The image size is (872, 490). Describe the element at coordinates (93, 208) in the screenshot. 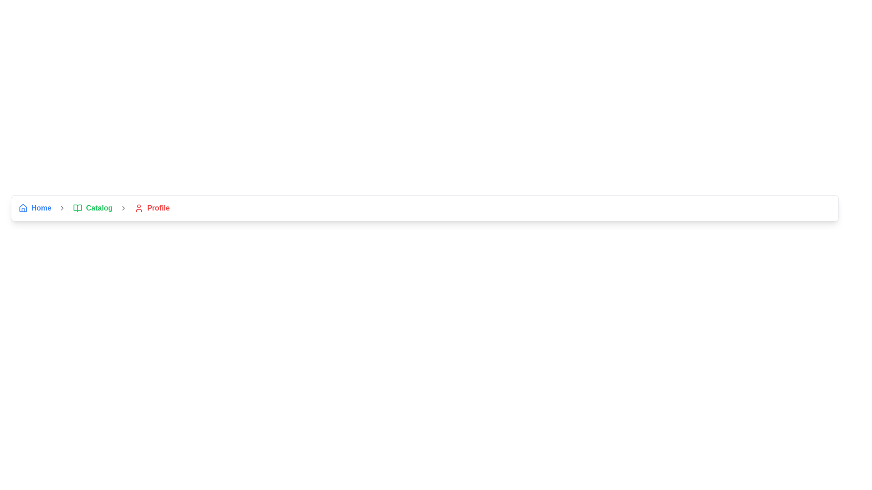

I see `the 'Catalog' hyperlink with an icon, which is the second navigational item in the top navigation bar` at that location.